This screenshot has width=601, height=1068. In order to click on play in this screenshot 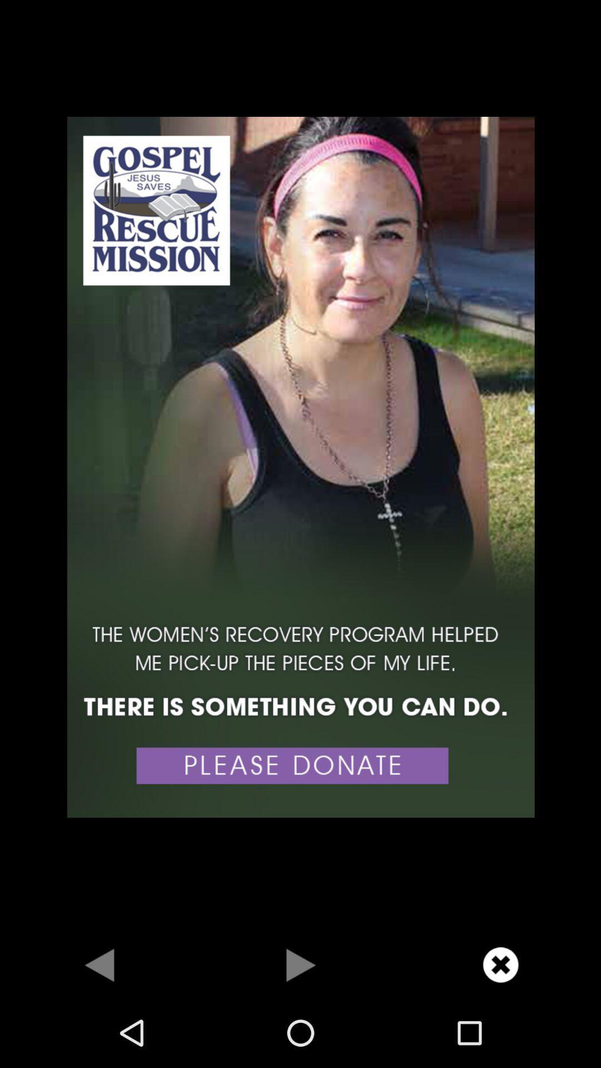, I will do `click(300, 964)`.